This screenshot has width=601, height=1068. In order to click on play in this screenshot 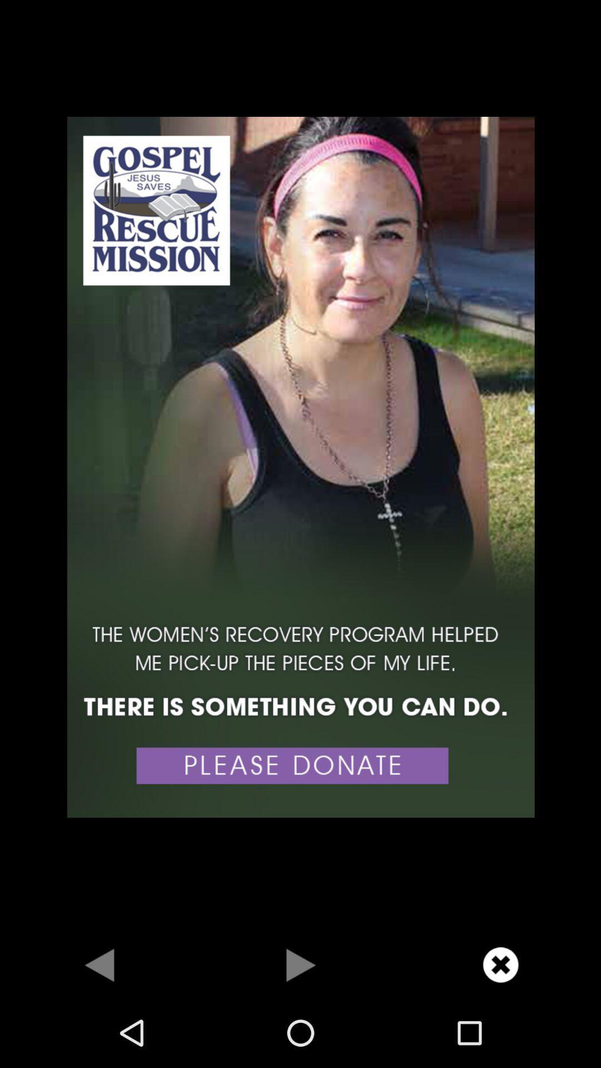, I will do `click(300, 964)`.